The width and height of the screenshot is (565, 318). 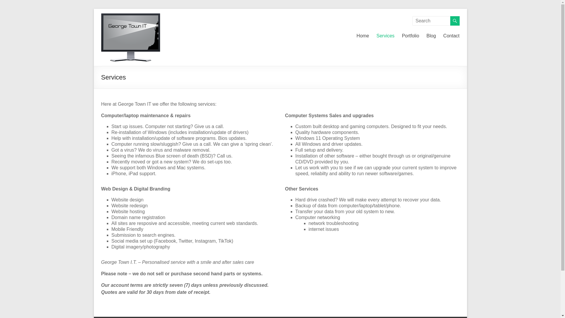 What do you see at coordinates (451, 36) in the screenshot?
I see `'Contact'` at bounding box center [451, 36].